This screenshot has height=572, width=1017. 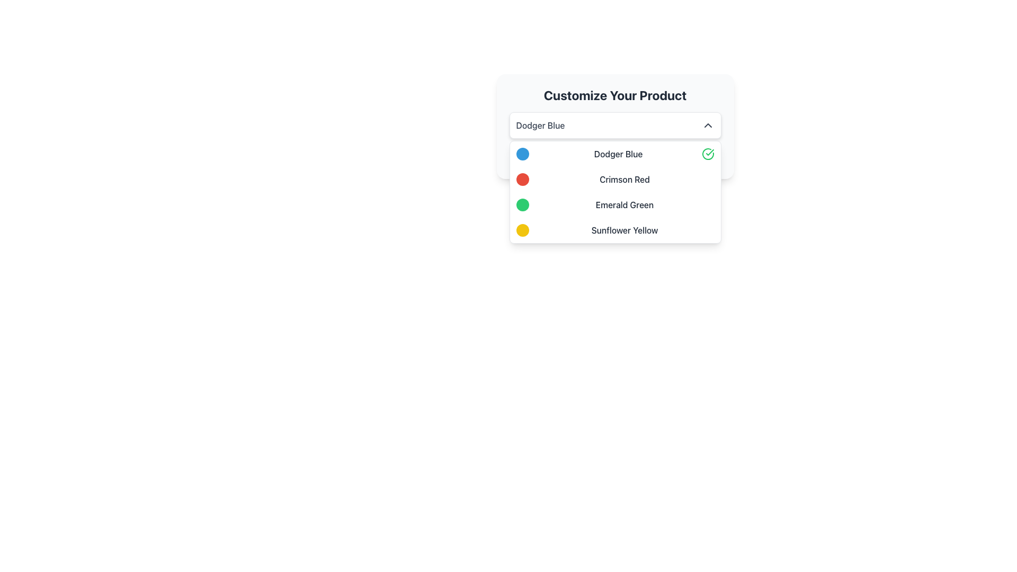 What do you see at coordinates (615, 154) in the screenshot?
I see `the first selectable item in the color choice dropdown menu located below the 'Customize Your Product' input` at bounding box center [615, 154].